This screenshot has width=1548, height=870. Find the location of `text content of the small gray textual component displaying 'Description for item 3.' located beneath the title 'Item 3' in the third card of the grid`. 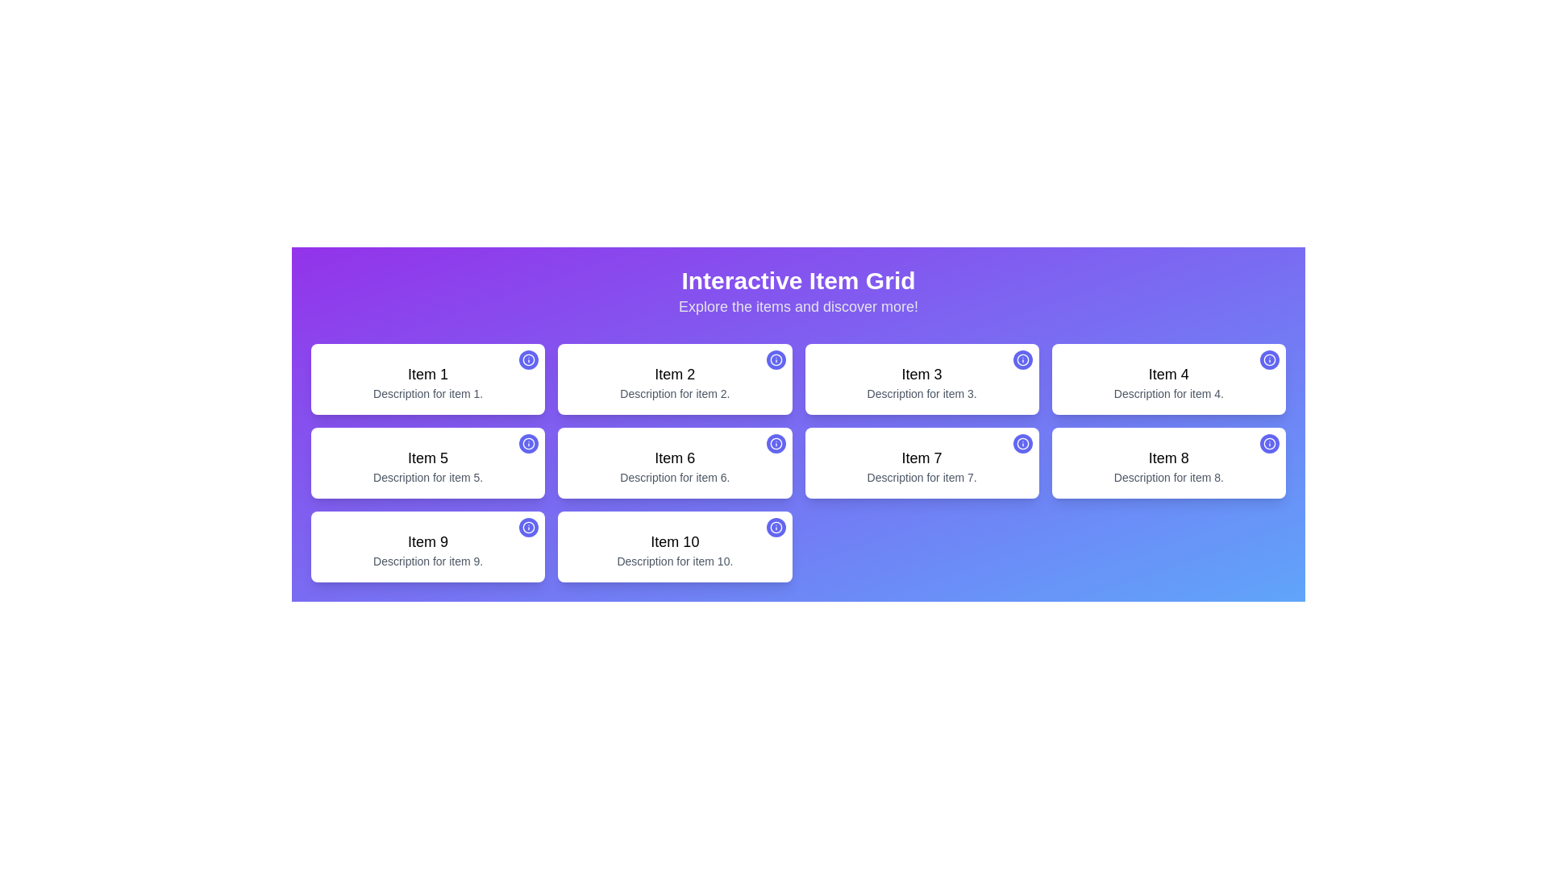

text content of the small gray textual component displaying 'Description for item 3.' located beneath the title 'Item 3' in the third card of the grid is located at coordinates (922, 394).